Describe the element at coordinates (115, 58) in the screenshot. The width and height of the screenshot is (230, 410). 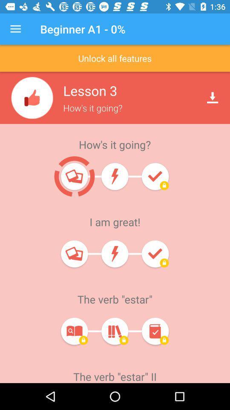
I see `the unlock all features` at that location.